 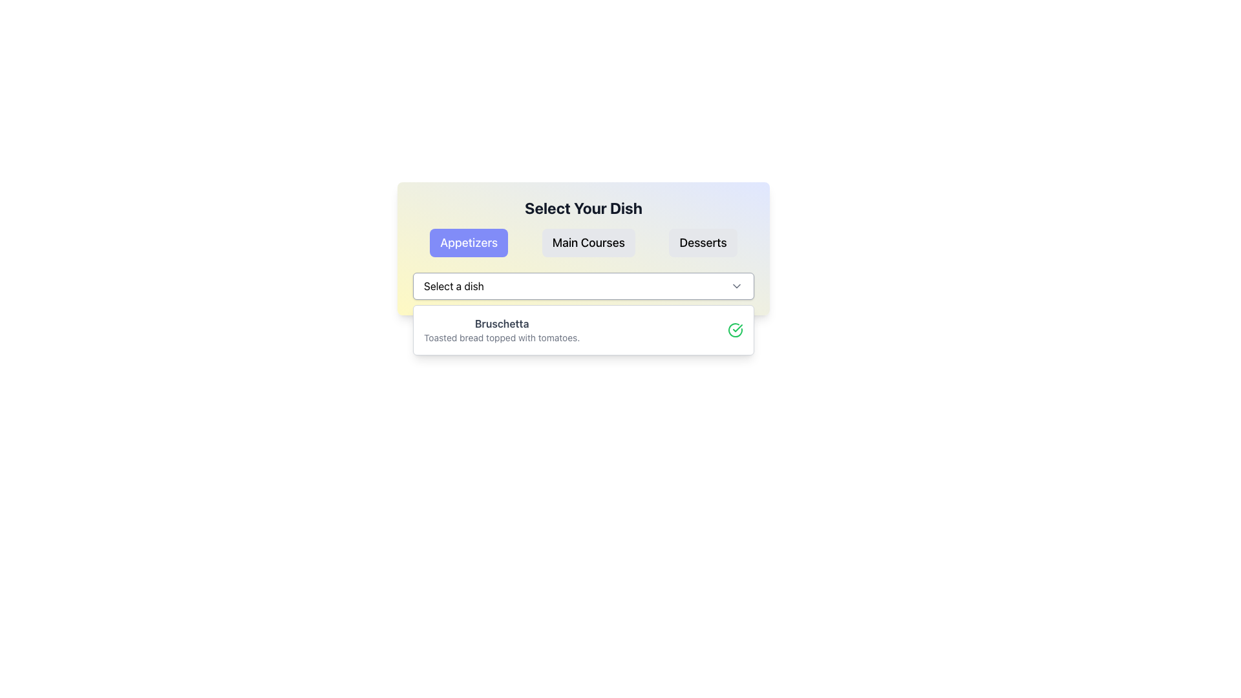 What do you see at coordinates (501, 323) in the screenshot?
I see `the bold dark gray text label displaying 'Bruschetta'` at bounding box center [501, 323].